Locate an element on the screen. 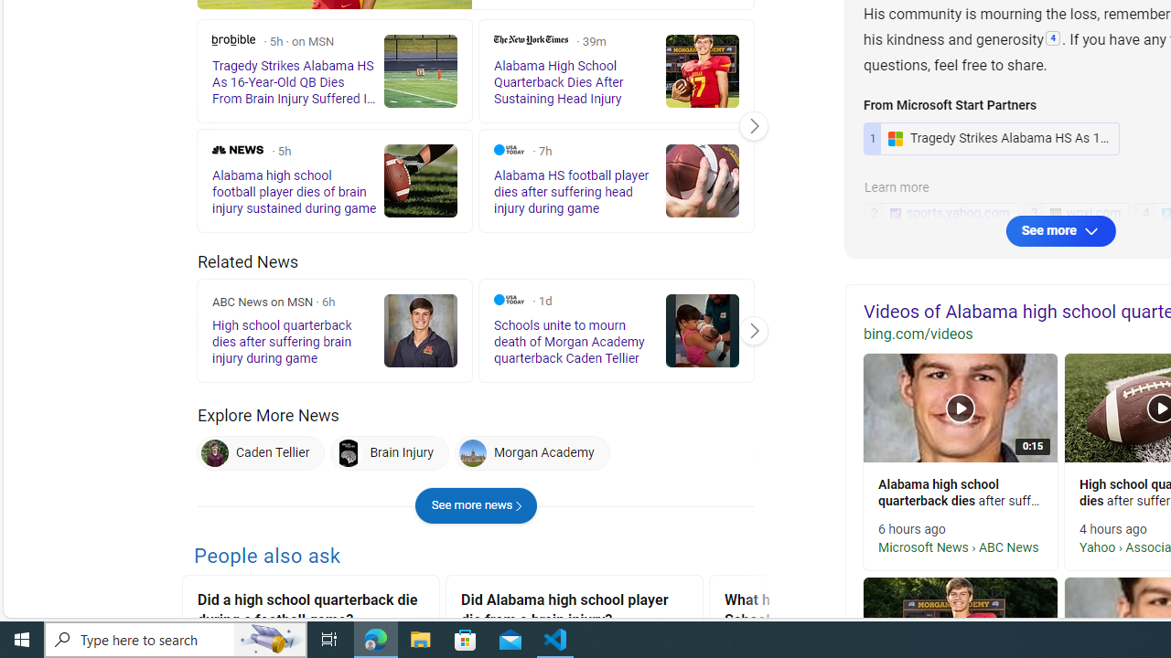 This screenshot has width=1171, height=658. 'Caden Tellier Caden Tellier' is located at coordinates (260, 452).